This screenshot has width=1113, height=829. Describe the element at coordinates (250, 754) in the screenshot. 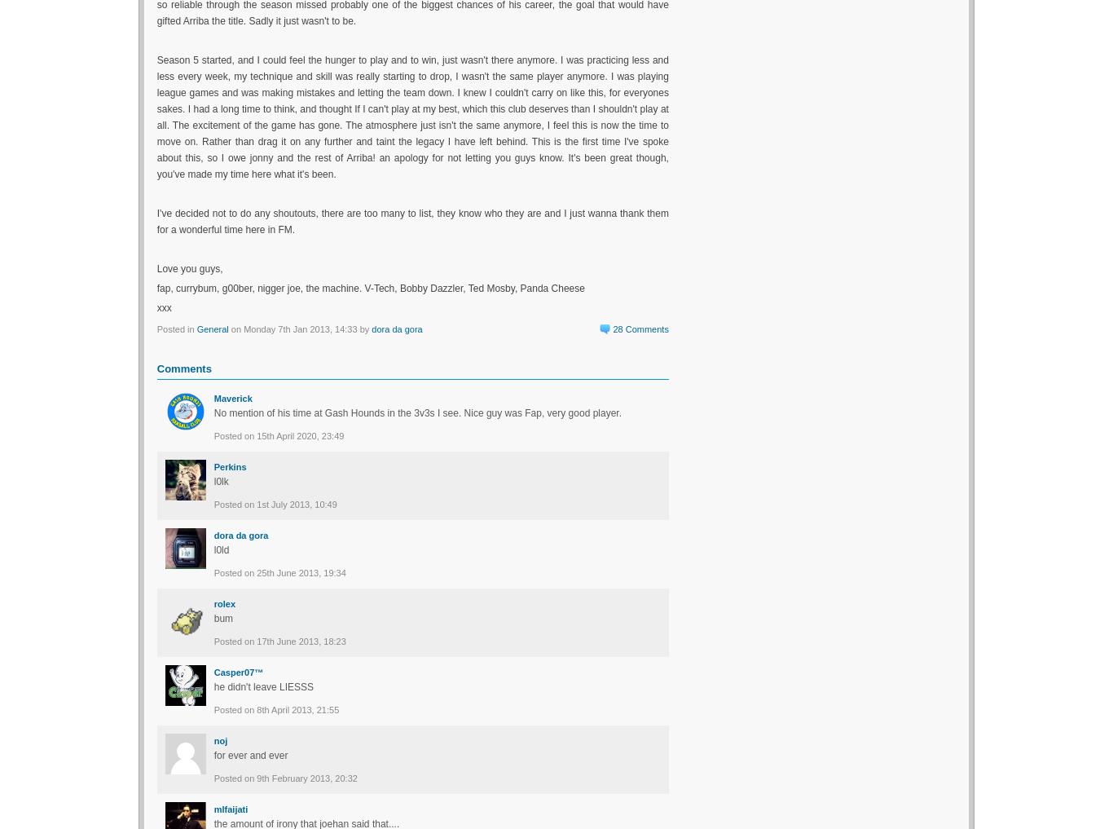

I see `'for ever and ever'` at that location.